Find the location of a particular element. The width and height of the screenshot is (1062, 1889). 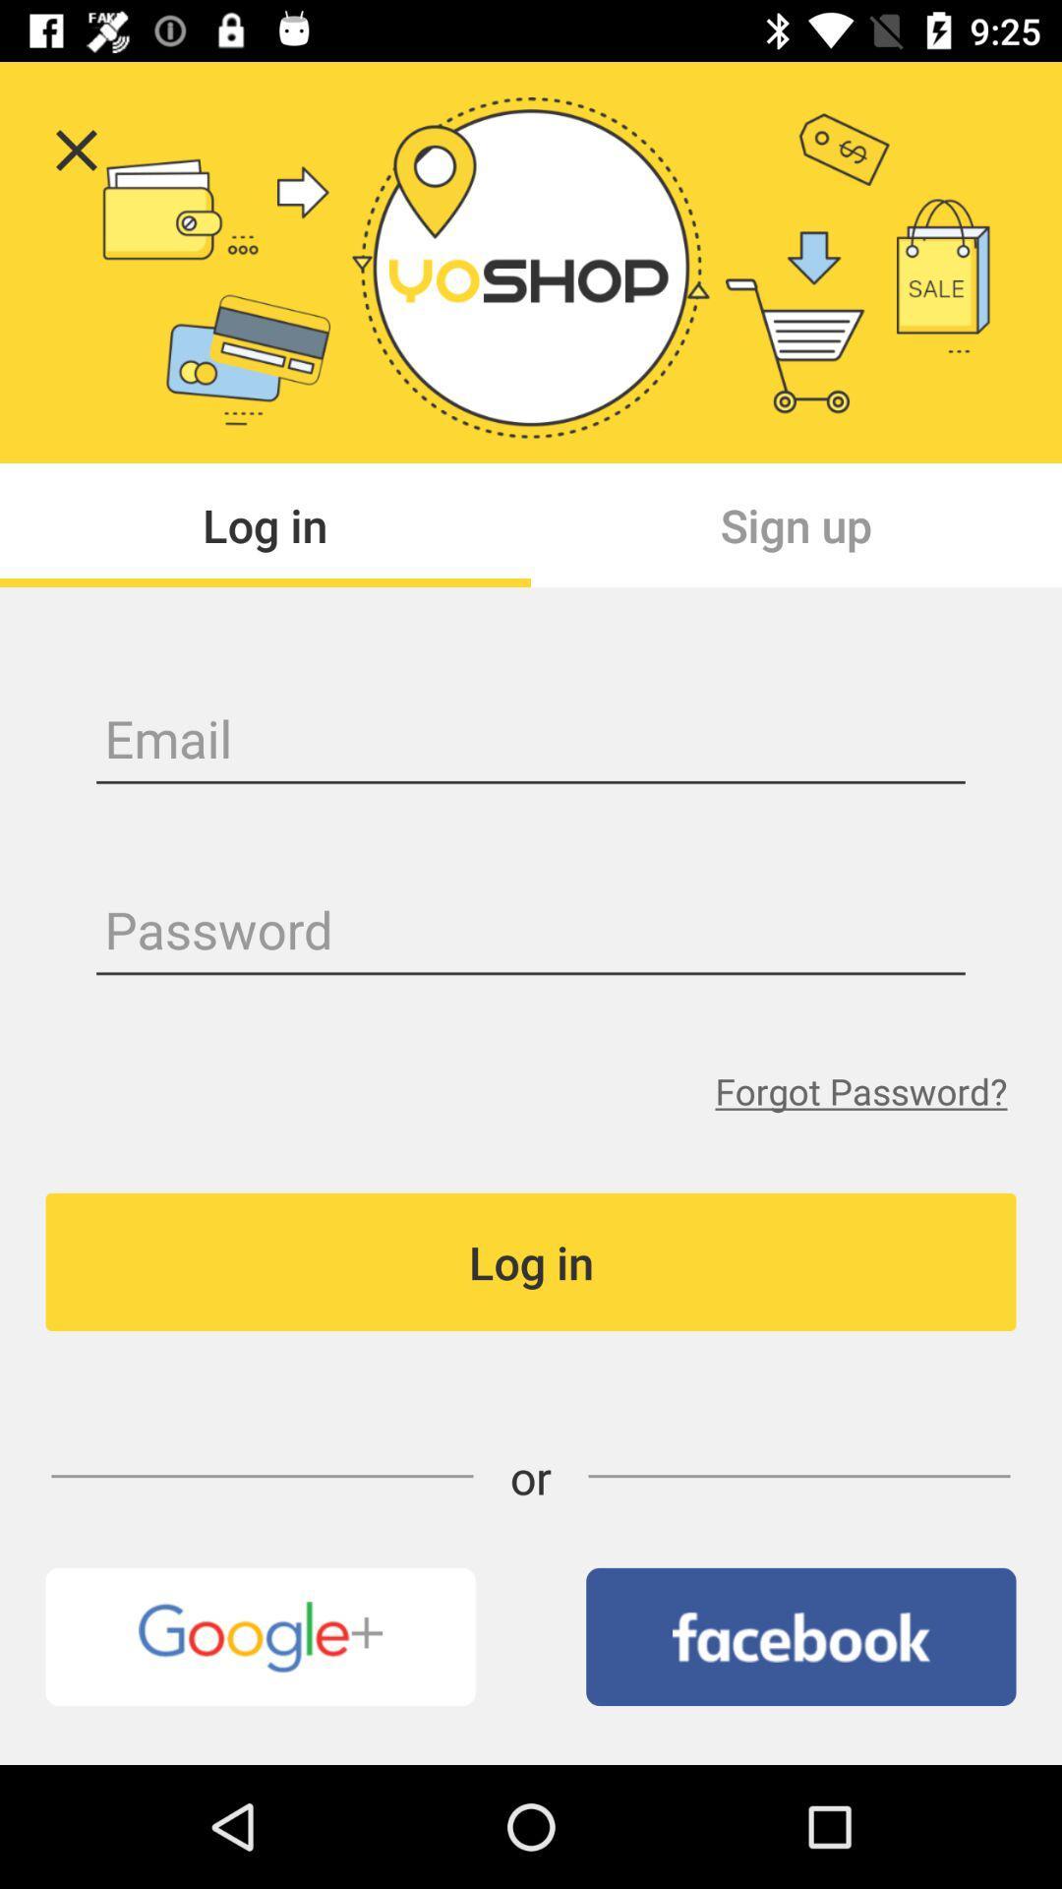

icon on the right is located at coordinates (859, 1090).